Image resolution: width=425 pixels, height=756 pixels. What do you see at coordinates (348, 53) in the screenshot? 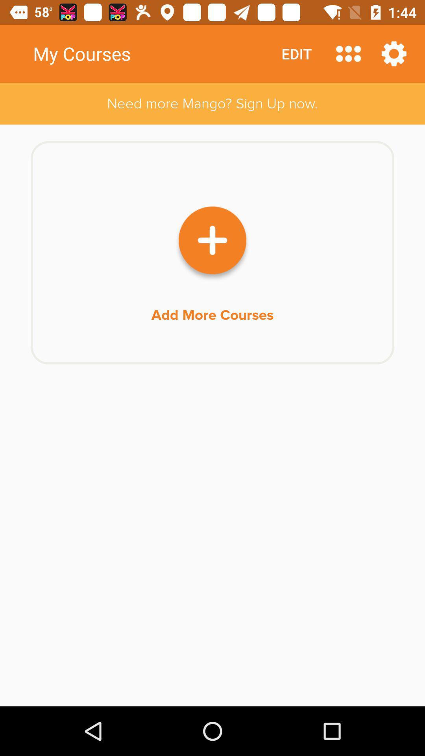
I see `choose categories` at bounding box center [348, 53].